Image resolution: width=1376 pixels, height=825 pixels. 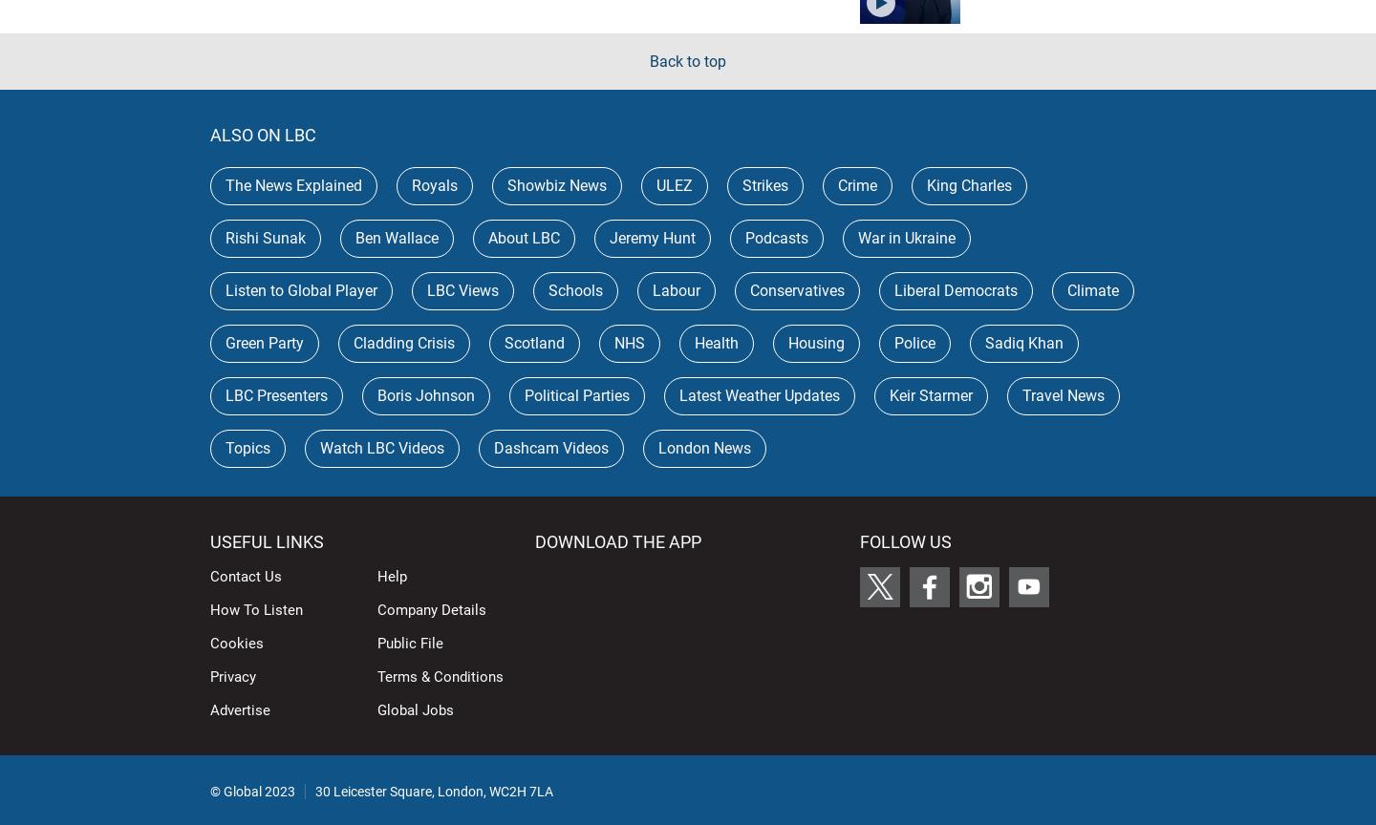 I want to click on 'Watch LBC Videos', so click(x=381, y=447).